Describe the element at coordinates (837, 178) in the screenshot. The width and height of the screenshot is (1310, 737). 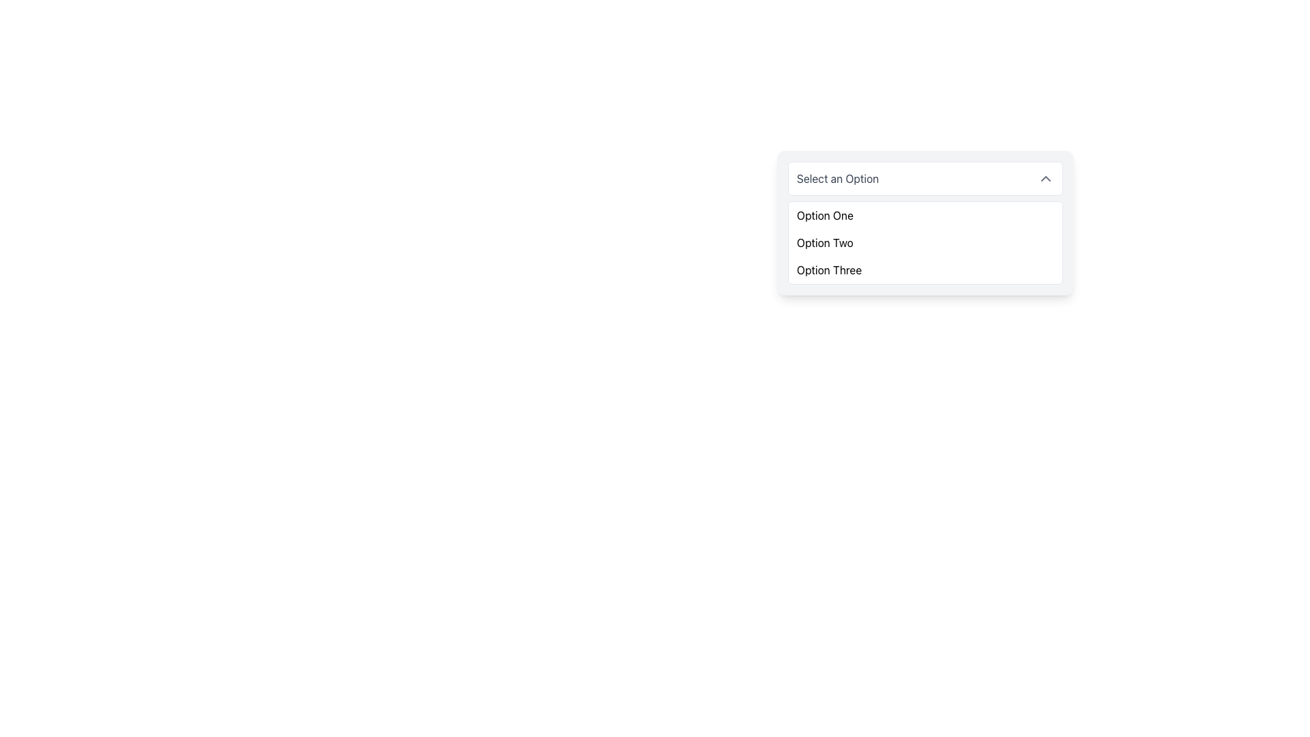
I see `the static text label displaying 'Select an Option' which is located within a dropdown menu header on the left side of a chevron-down icon` at that location.